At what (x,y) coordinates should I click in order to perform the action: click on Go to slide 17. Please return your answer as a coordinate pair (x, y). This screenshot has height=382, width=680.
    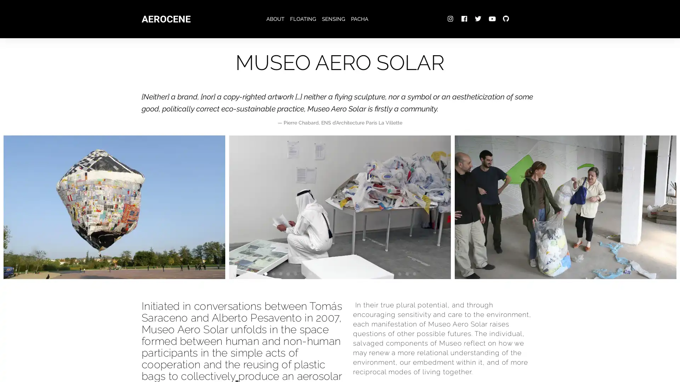
    Looking at the image, I should click on (384, 273).